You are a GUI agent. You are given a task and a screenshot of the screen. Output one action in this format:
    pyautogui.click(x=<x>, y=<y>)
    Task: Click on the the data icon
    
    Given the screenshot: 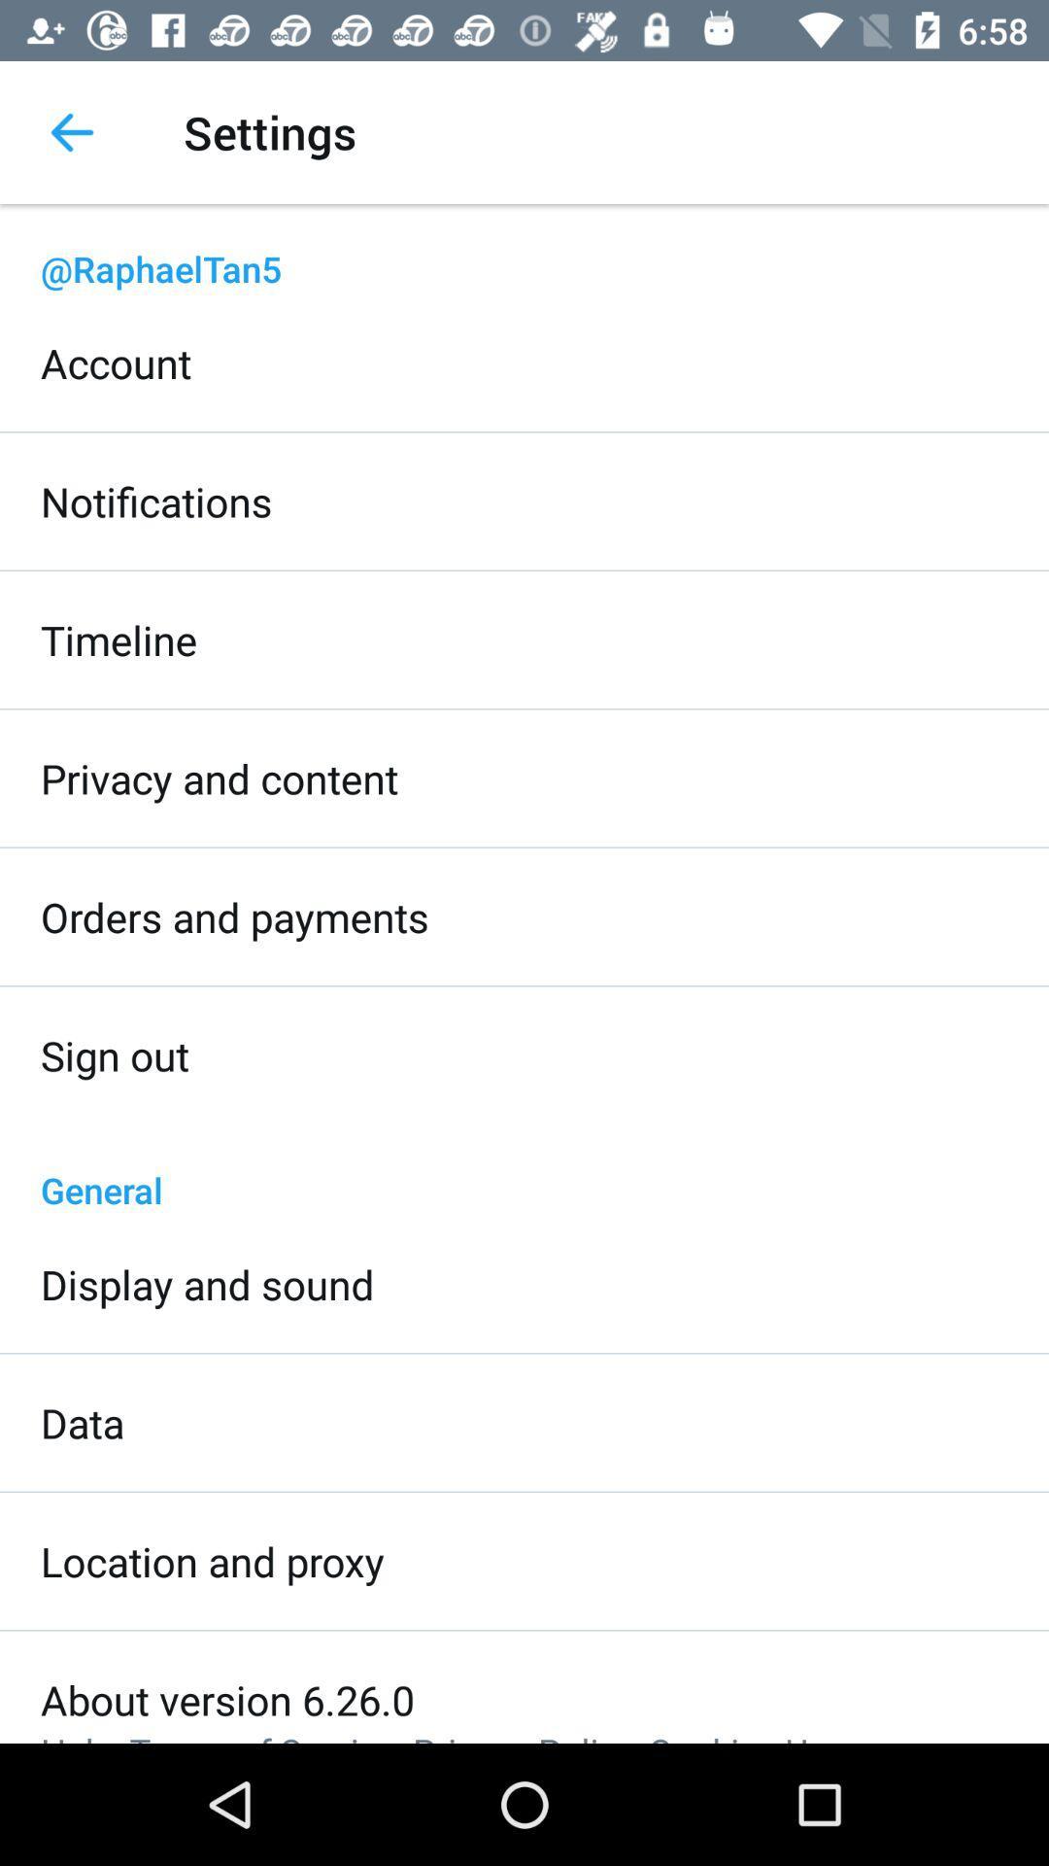 What is the action you would take?
    pyautogui.click(x=82, y=1423)
    